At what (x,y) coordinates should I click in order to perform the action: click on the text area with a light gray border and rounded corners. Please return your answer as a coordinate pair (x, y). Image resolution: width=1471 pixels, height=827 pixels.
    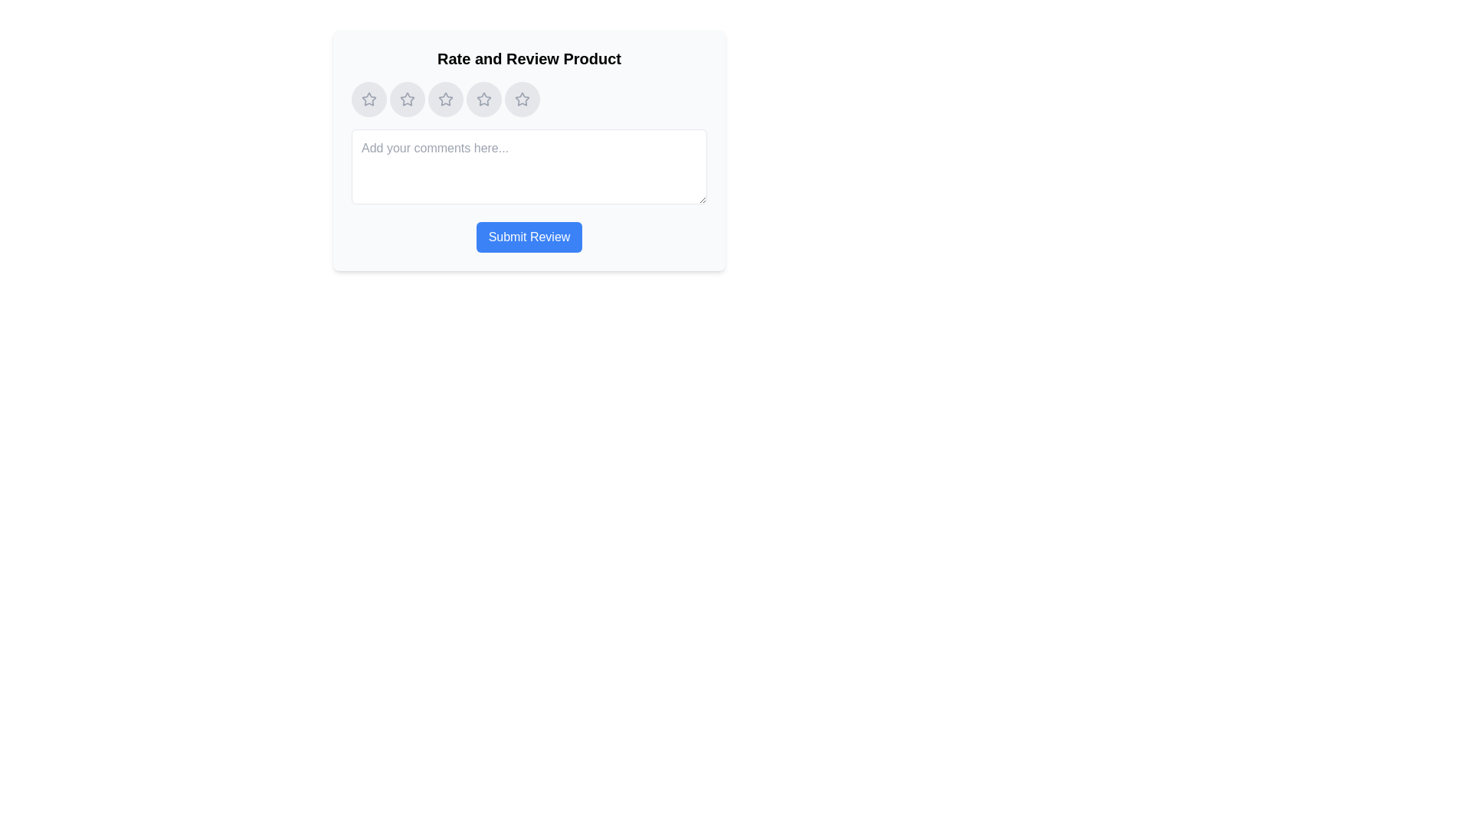
    Looking at the image, I should click on (529, 167).